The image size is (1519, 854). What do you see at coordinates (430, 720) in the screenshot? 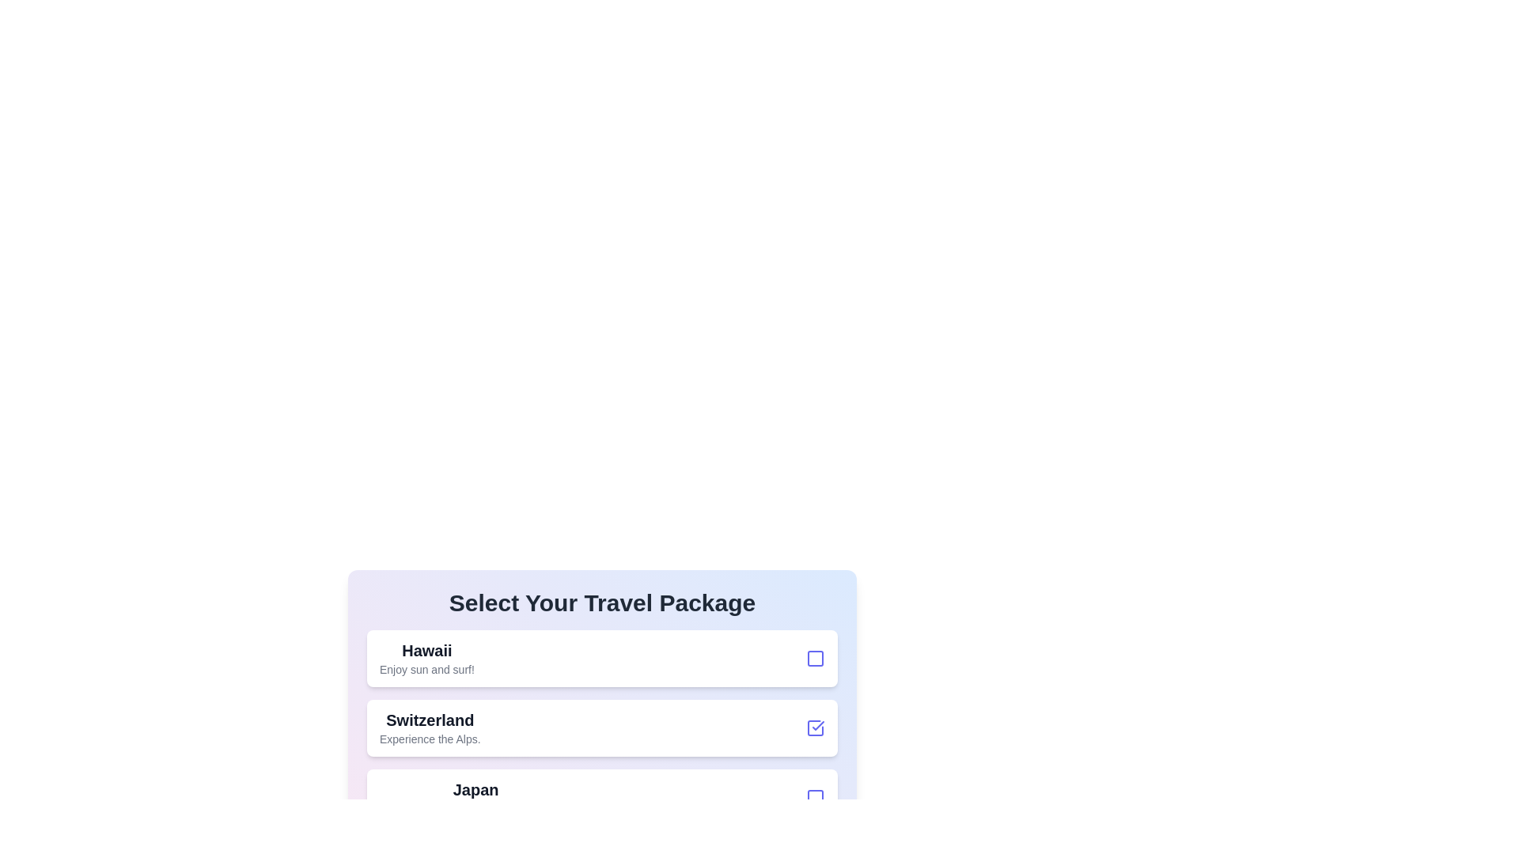
I see `the text of the travel package Switzerland to select it` at bounding box center [430, 720].